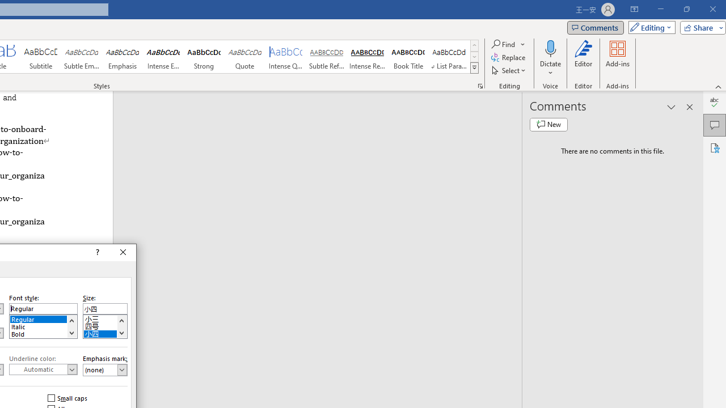 This screenshot has width=726, height=408. I want to click on 'Class: NetUIImage', so click(475, 67).